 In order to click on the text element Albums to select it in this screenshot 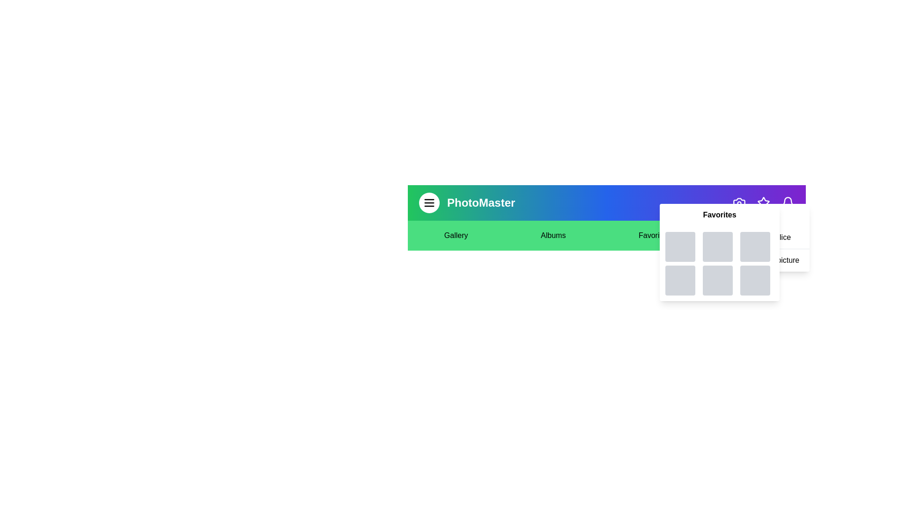, I will do `click(553, 235)`.